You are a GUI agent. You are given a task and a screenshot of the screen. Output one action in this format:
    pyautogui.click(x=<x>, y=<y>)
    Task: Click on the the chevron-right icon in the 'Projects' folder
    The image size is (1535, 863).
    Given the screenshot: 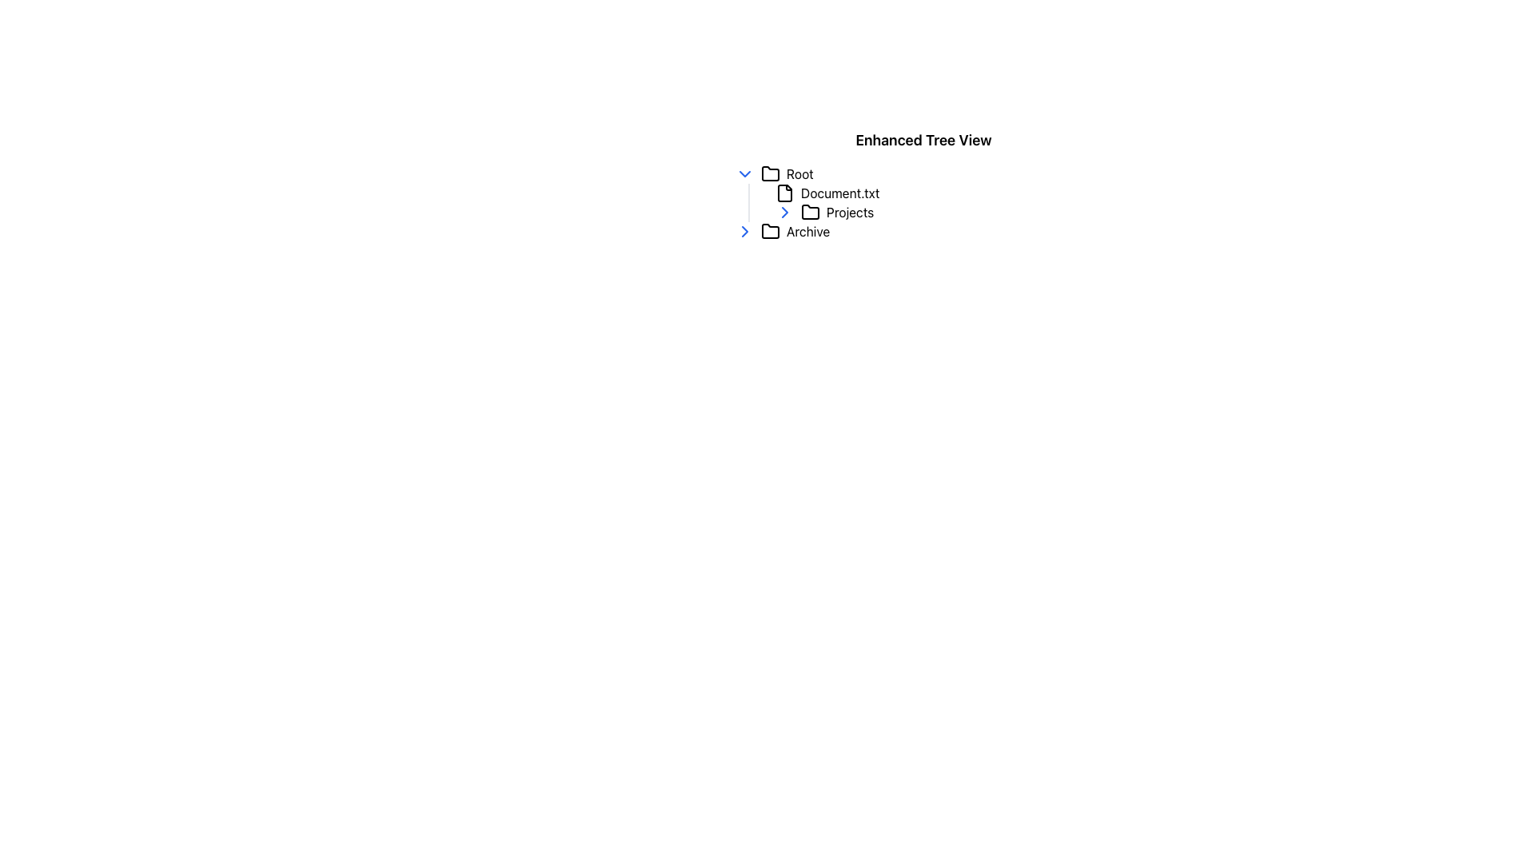 What is the action you would take?
    pyautogui.click(x=785, y=212)
    